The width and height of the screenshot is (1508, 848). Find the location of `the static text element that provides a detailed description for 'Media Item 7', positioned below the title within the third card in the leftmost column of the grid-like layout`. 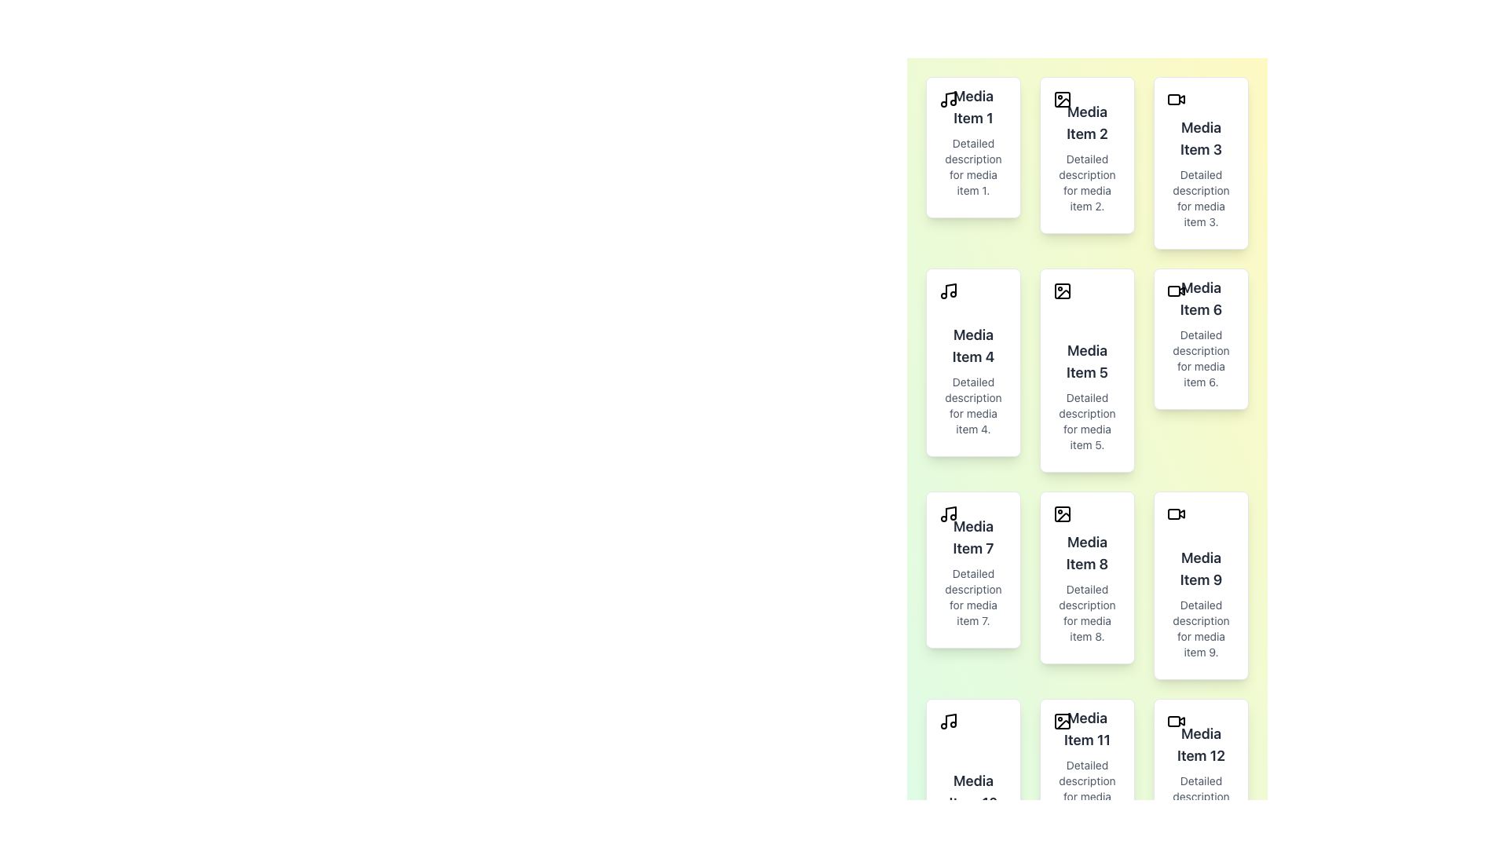

the static text element that provides a detailed description for 'Media Item 7', positioned below the title within the third card in the leftmost column of the grid-like layout is located at coordinates (972, 597).